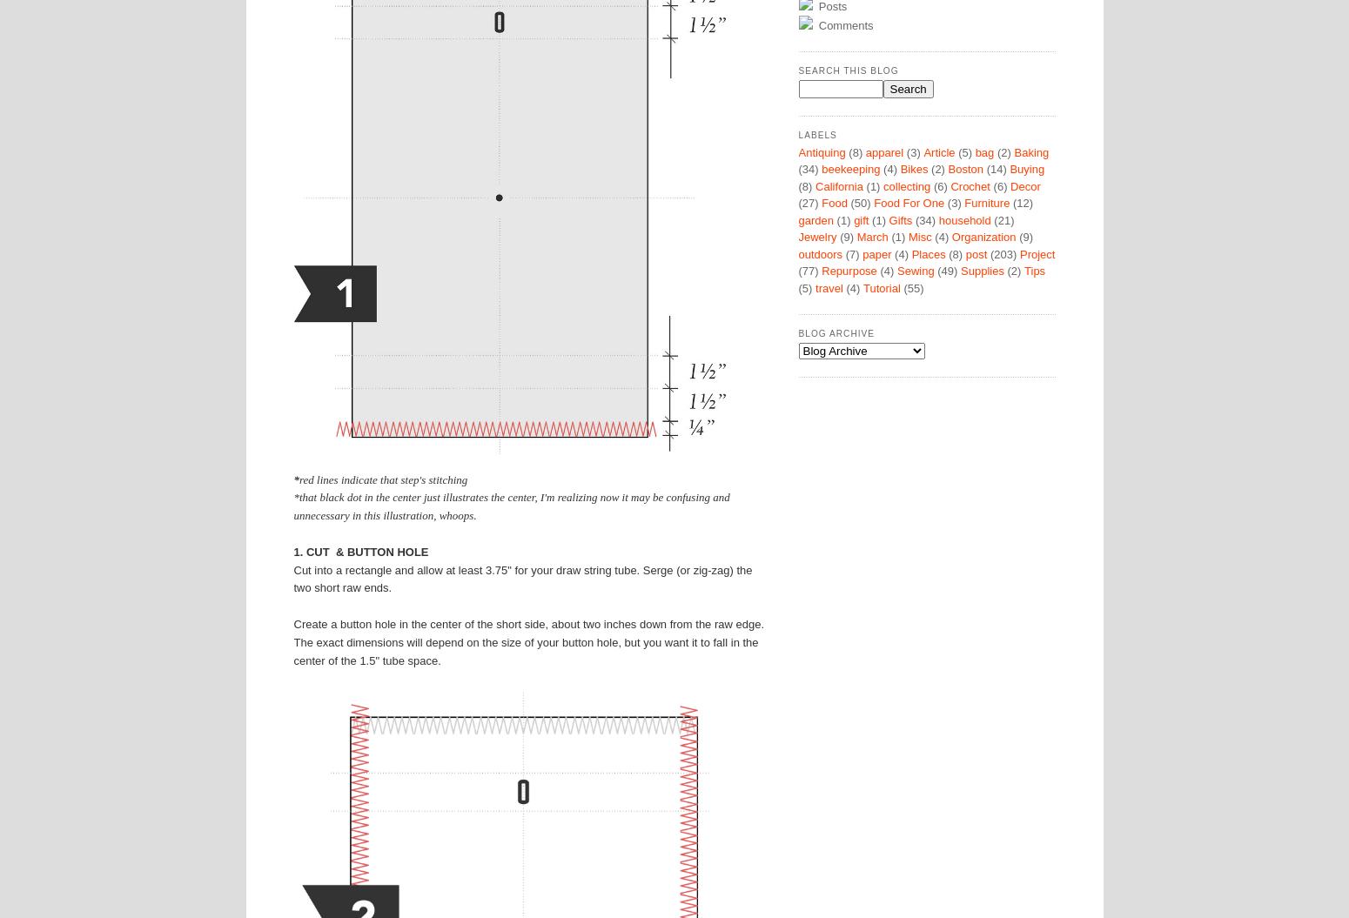 The width and height of the screenshot is (1349, 918). What do you see at coordinates (884, 151) in the screenshot?
I see `'apparel'` at bounding box center [884, 151].